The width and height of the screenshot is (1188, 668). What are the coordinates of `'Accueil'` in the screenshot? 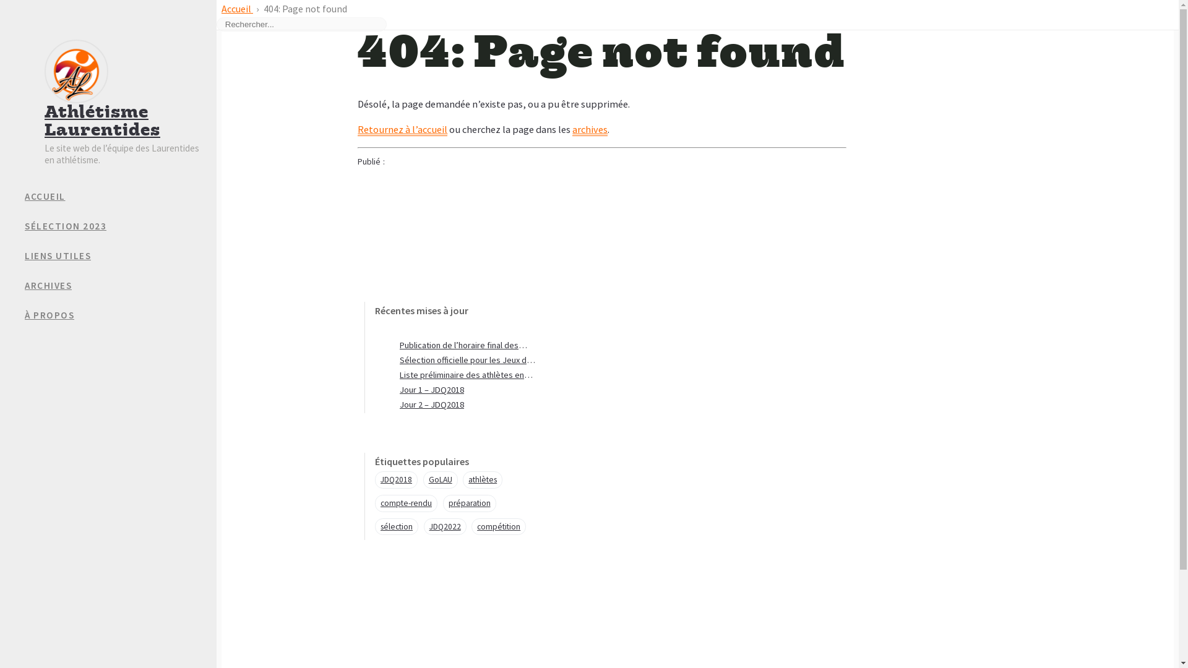 It's located at (237, 9).